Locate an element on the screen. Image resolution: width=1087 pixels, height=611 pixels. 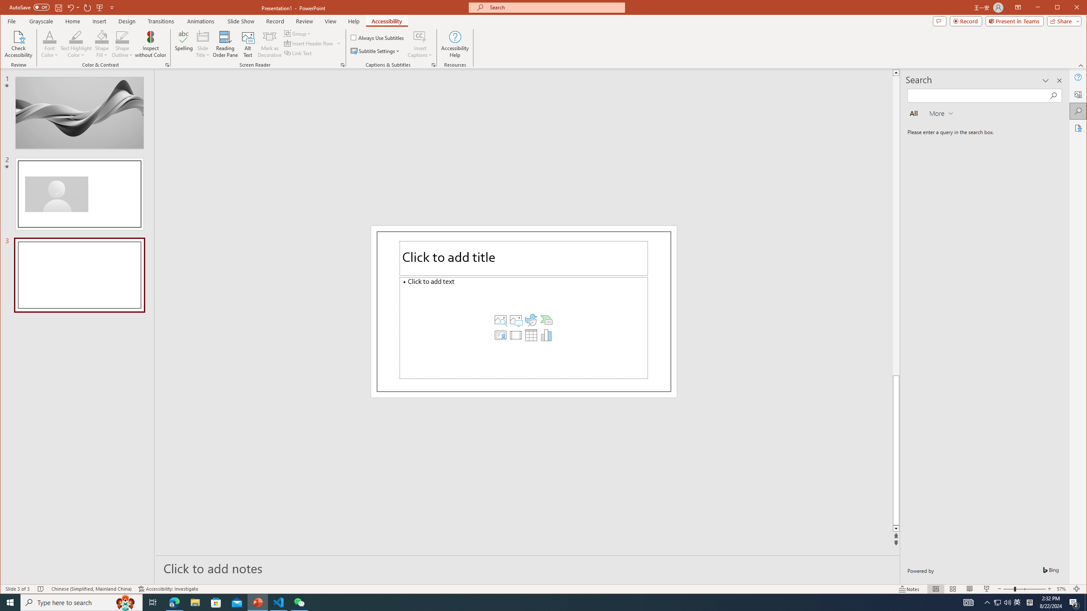
'Task View' is located at coordinates (152, 602).